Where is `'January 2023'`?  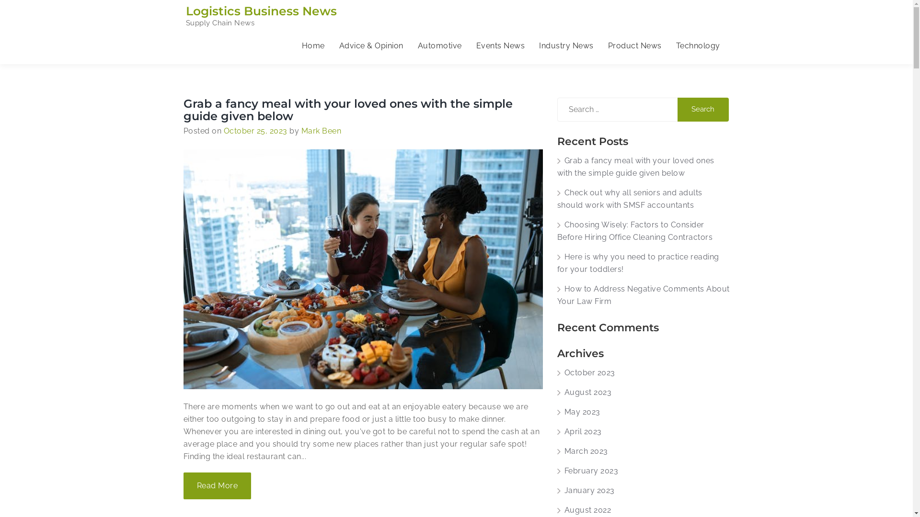 'January 2023' is located at coordinates (556, 490).